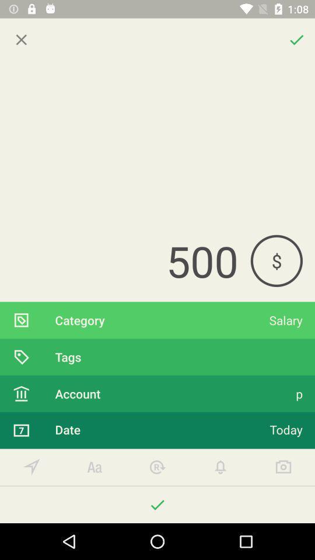 The image size is (315, 560). I want to click on turn on camera, so click(283, 467).